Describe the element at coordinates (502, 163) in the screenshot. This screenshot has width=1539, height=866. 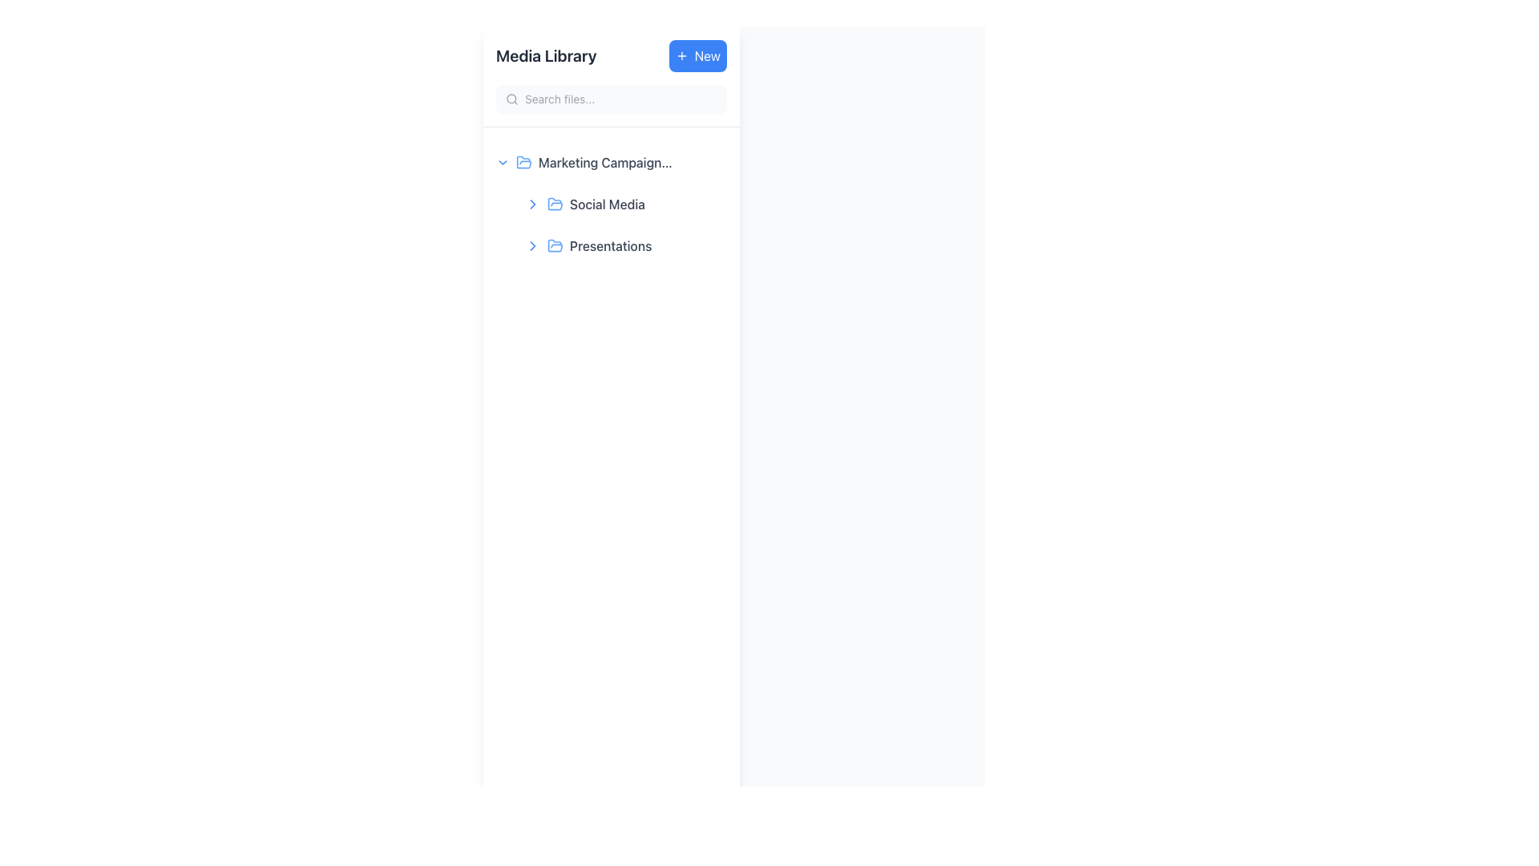
I see `the menu toggle icon located to the left of the 'Marketing Campaign 2024' text` at that location.